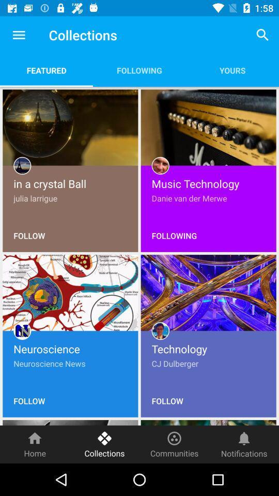  I want to click on the item next to collections item, so click(19, 35).